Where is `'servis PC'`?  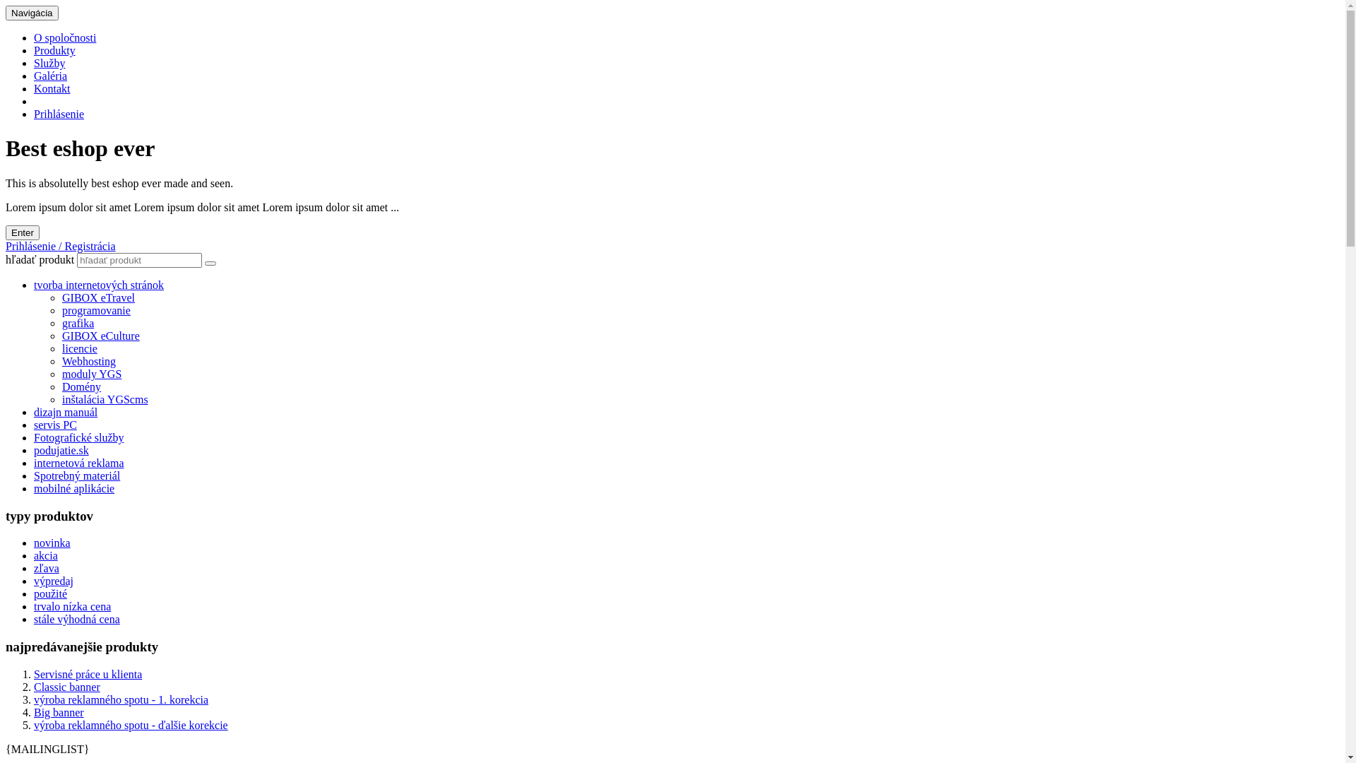 'servis PC' is located at coordinates (55, 424).